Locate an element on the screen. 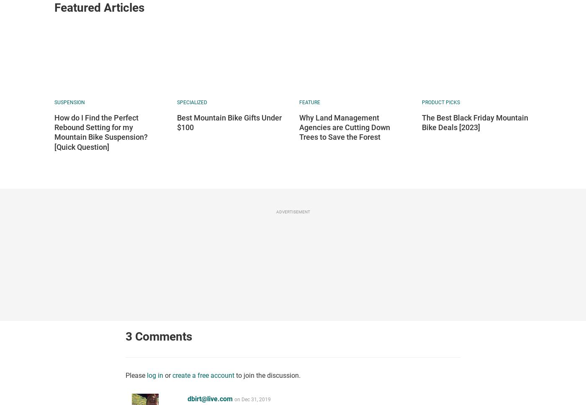 The width and height of the screenshot is (586, 405). 'product picks' is located at coordinates (422, 102).